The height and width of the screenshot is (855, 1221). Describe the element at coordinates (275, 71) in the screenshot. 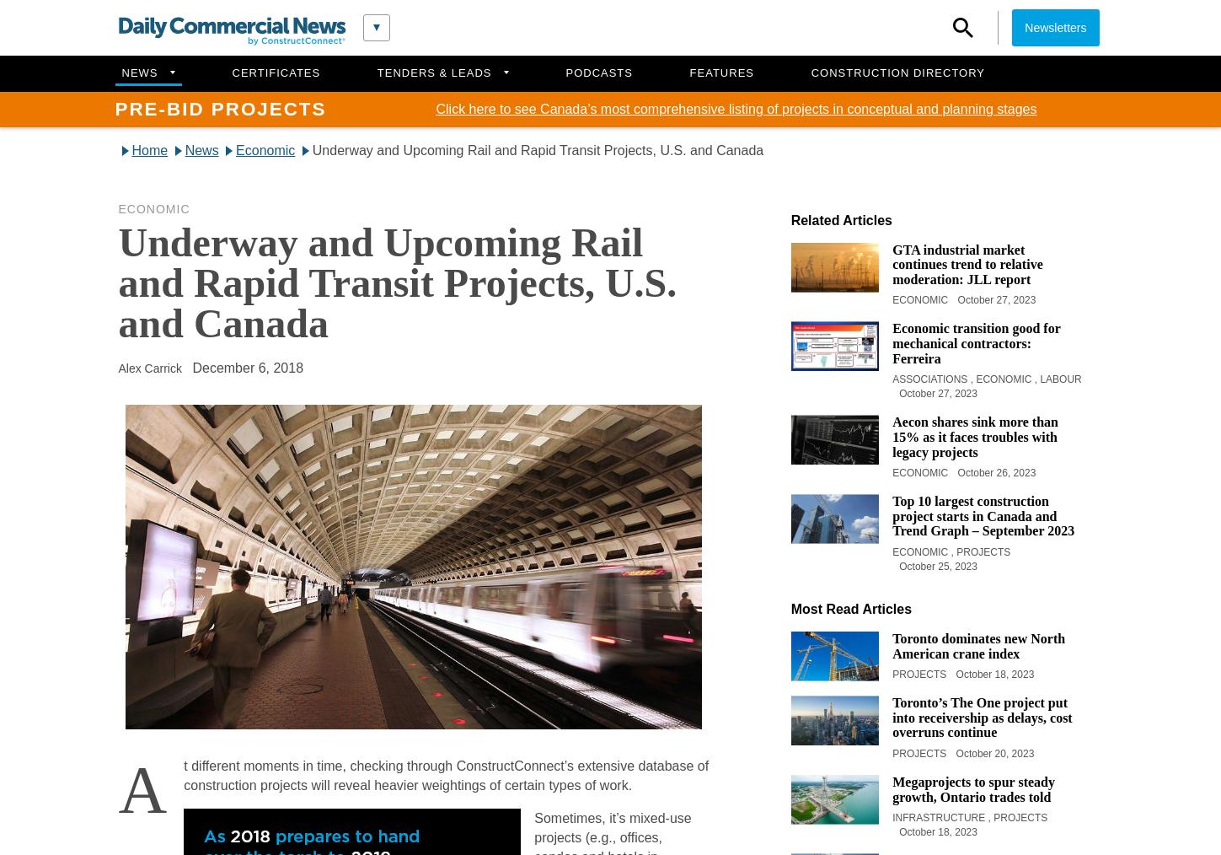

I see `'Certificates'` at that location.